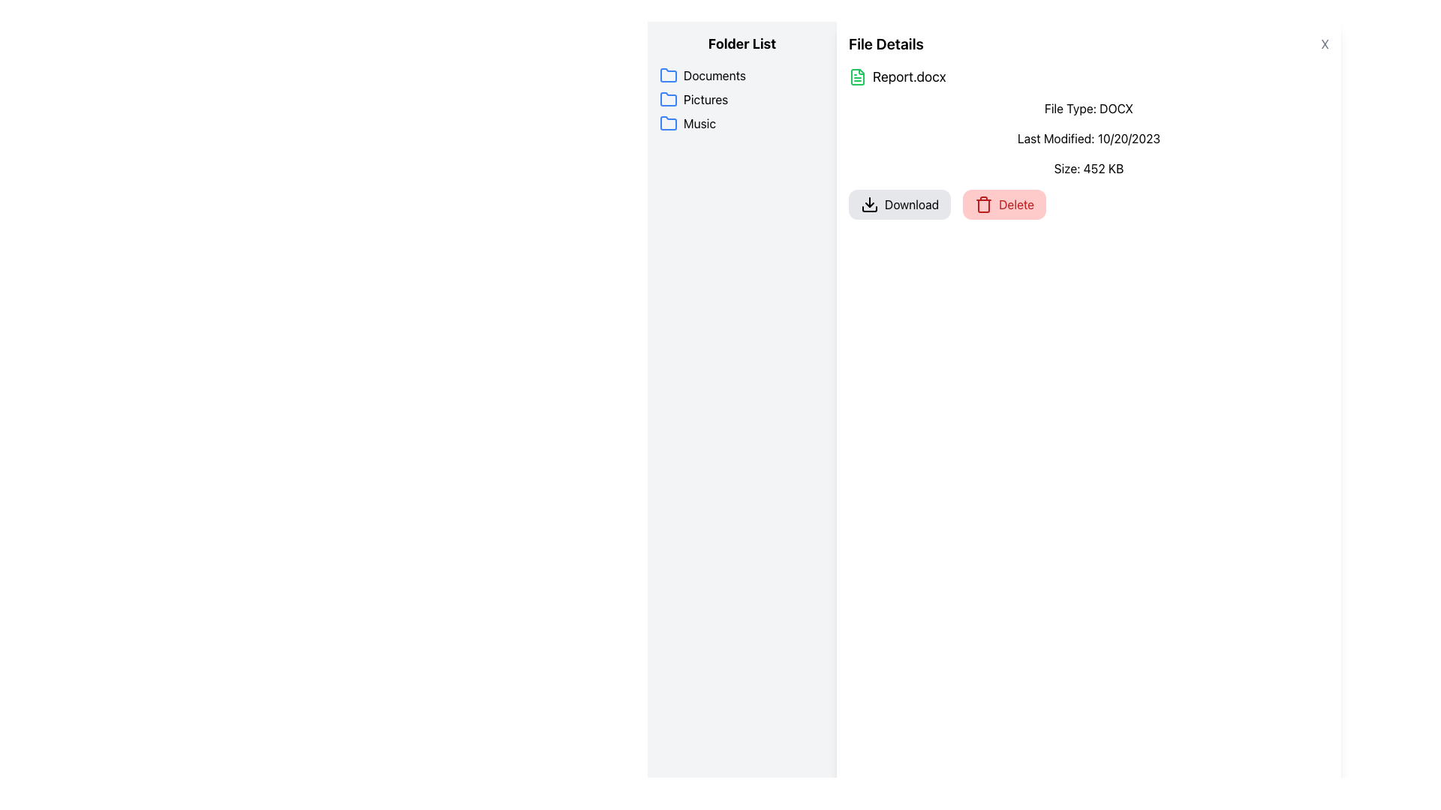 This screenshot has width=1441, height=810. Describe the element at coordinates (668, 99) in the screenshot. I see `to select the folder icon located in the left panel's 'Folder List' section, adjacent to the 'Pictures' label` at that location.